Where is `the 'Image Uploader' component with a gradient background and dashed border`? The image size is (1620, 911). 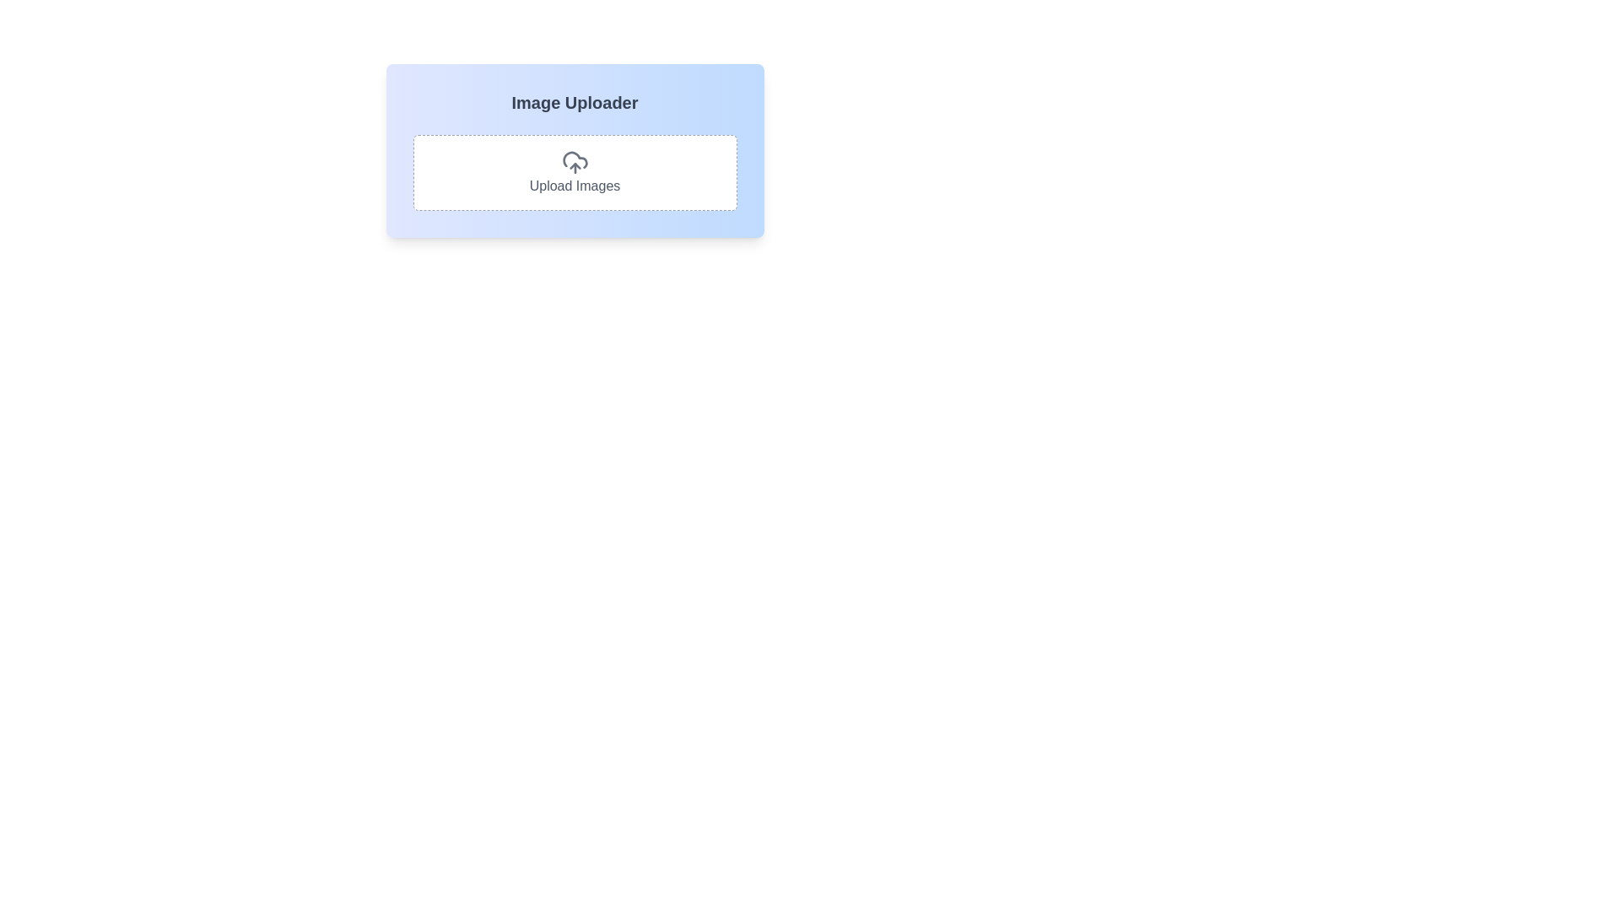 the 'Image Uploader' component with a gradient background and dashed border is located at coordinates (575, 149).